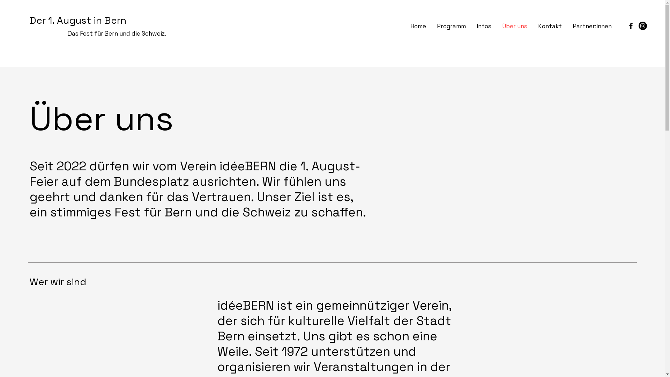 Image resolution: width=670 pixels, height=377 pixels. Describe the element at coordinates (549, 25) in the screenshot. I see `'Kontakt'` at that location.